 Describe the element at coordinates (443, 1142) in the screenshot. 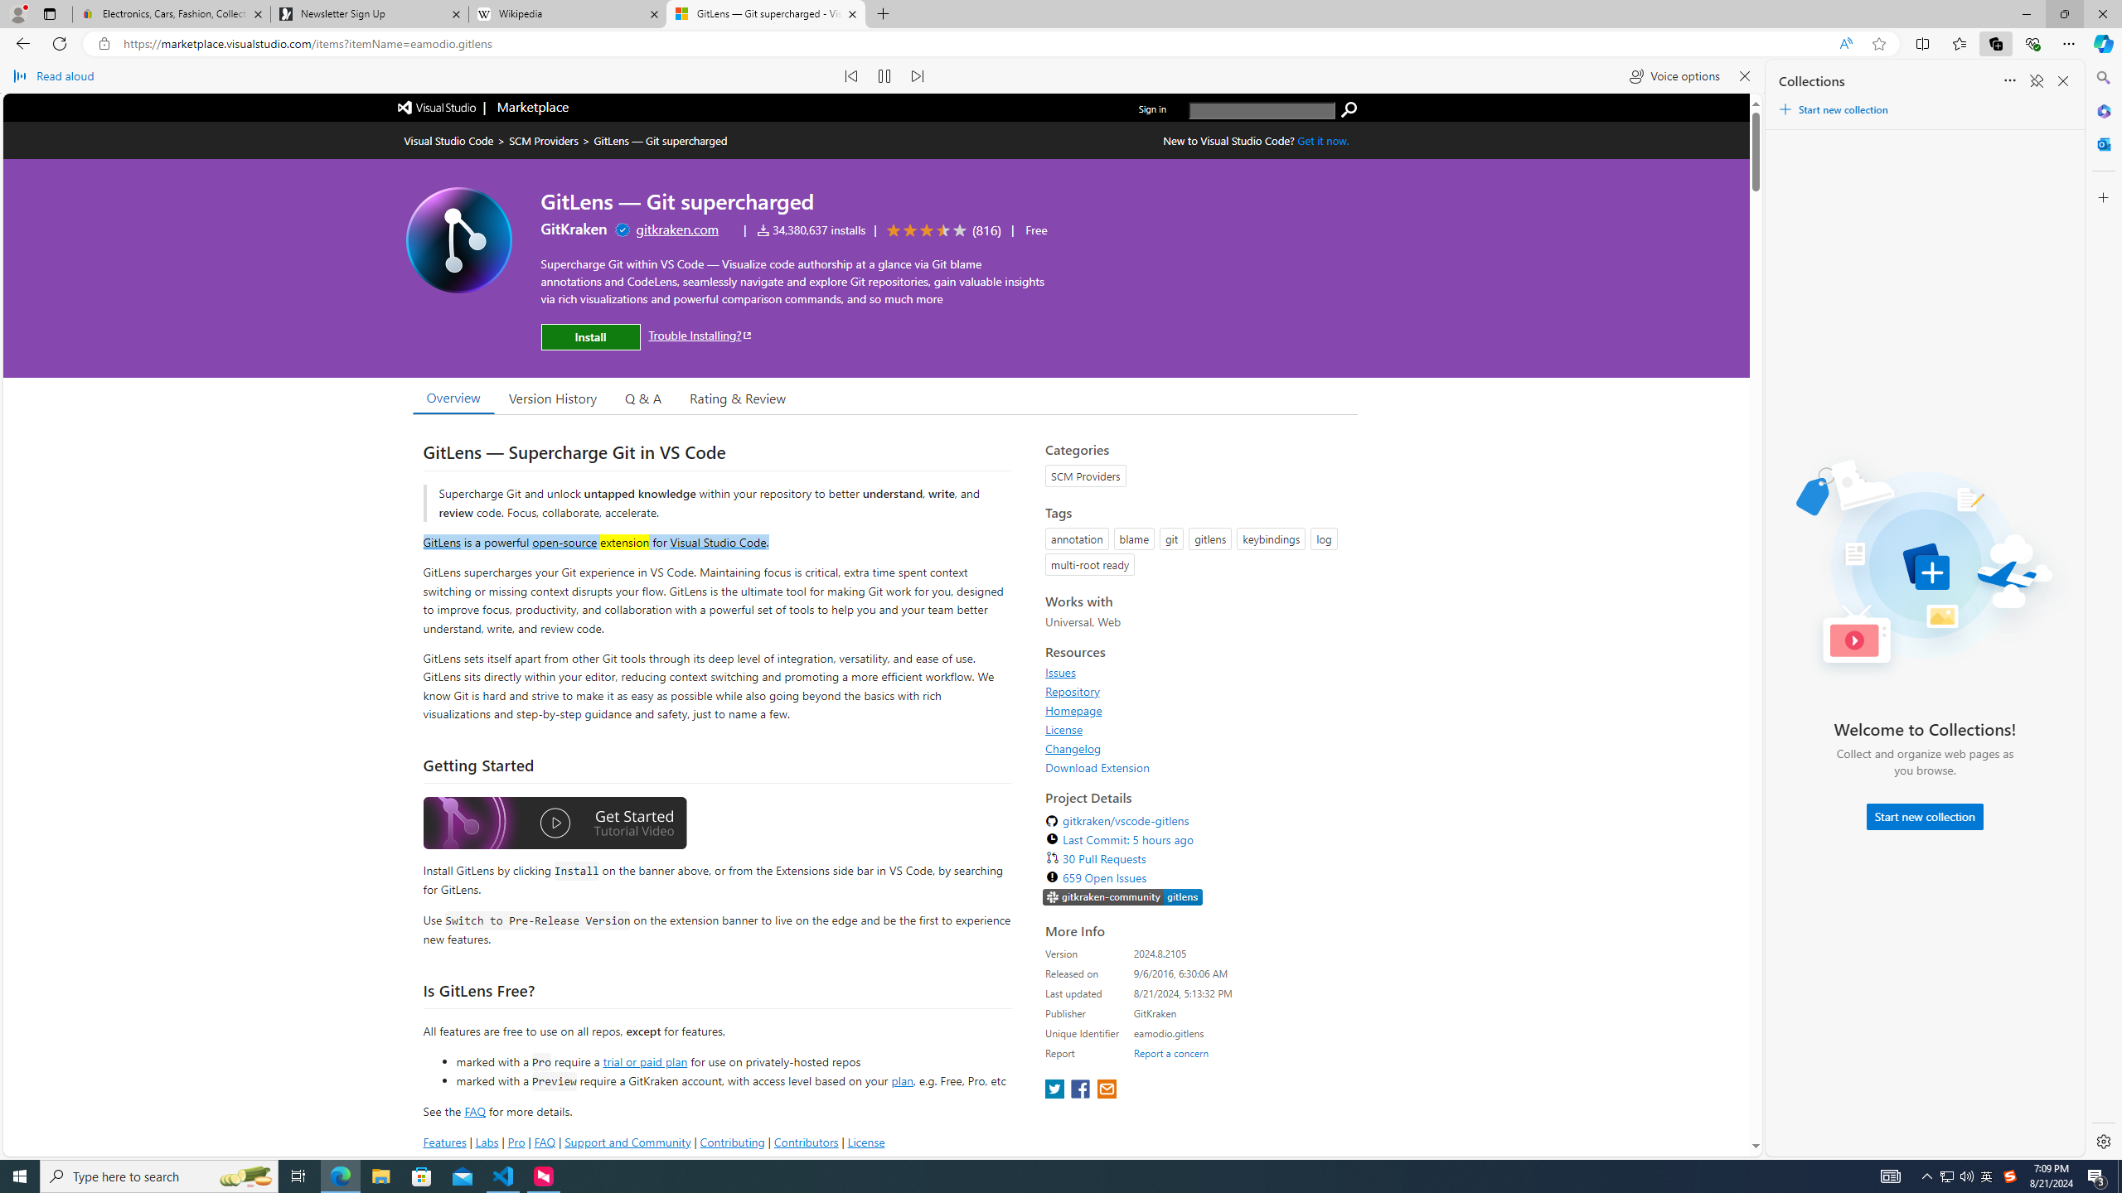

I see `'Features'` at that location.